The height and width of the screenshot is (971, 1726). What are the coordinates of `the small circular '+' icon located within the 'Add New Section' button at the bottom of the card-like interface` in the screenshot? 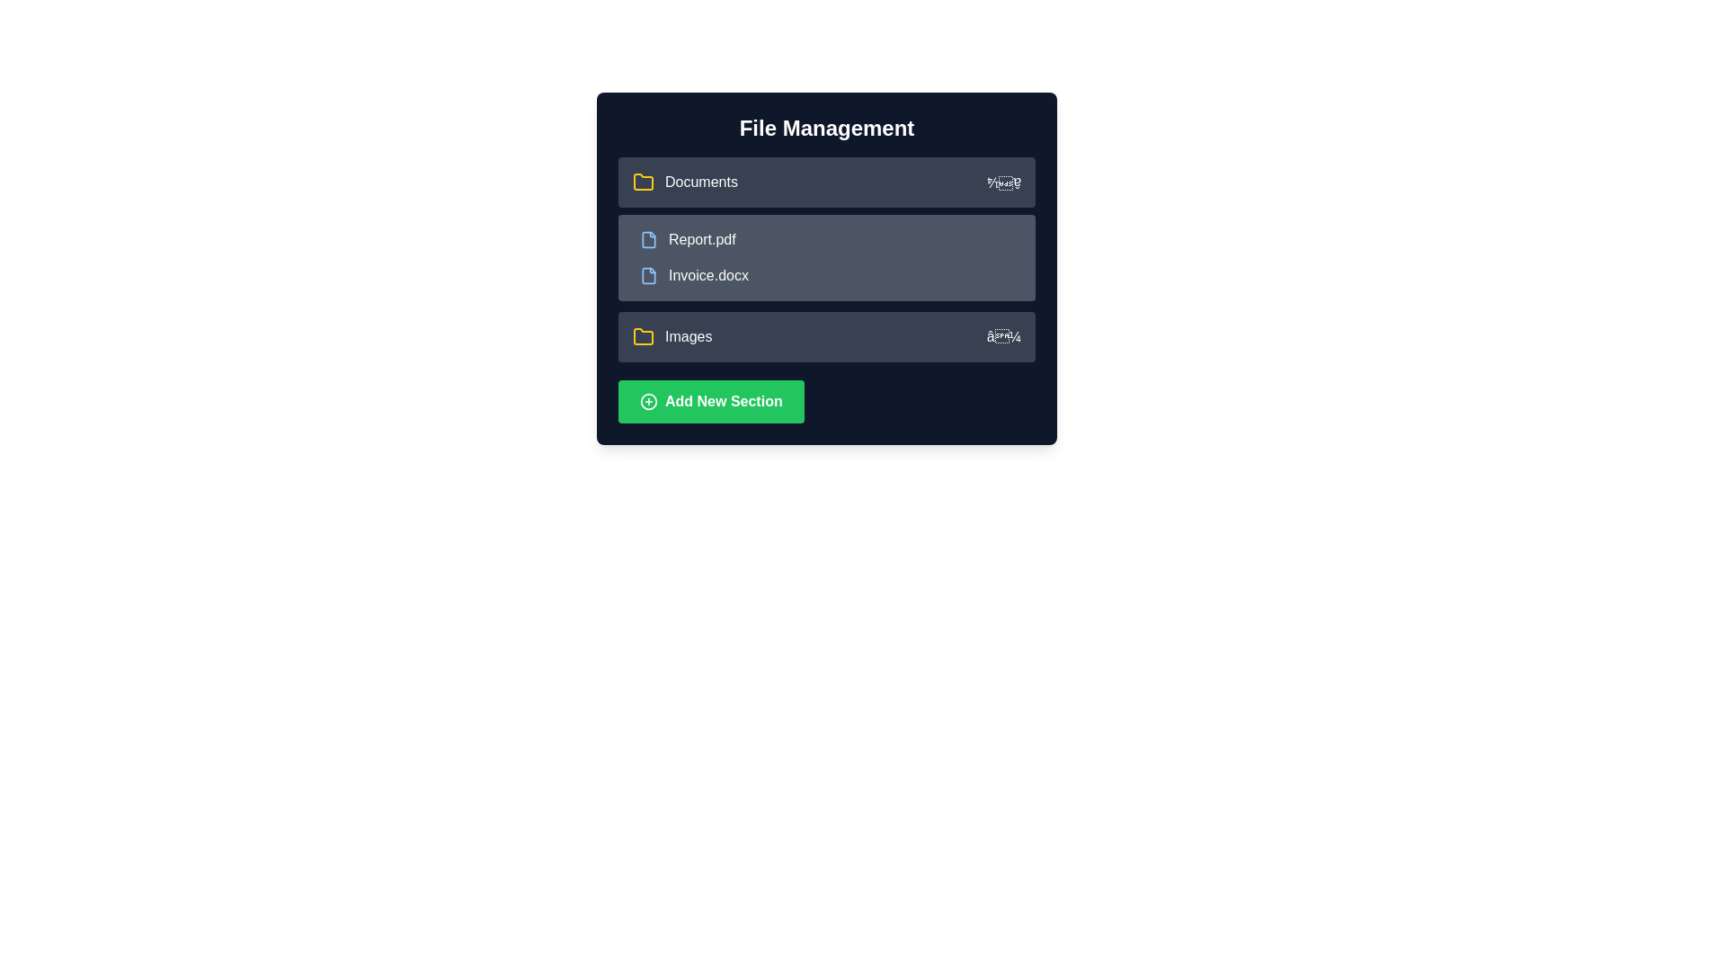 It's located at (647, 401).